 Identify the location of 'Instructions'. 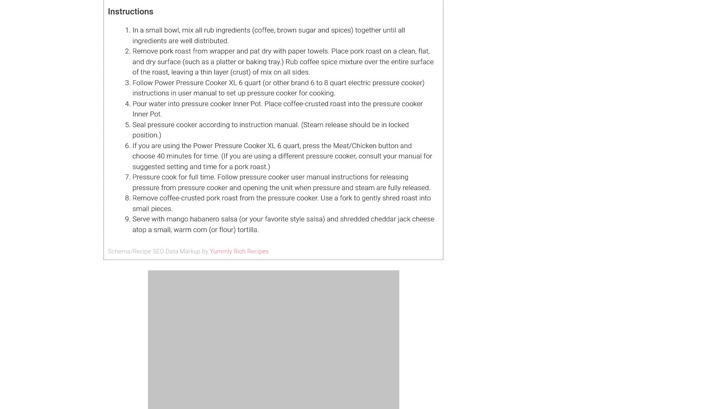
(130, 12).